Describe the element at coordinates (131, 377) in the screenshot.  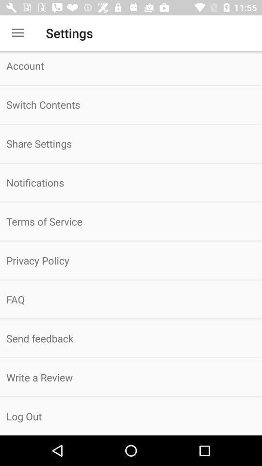
I see `write a review` at that location.